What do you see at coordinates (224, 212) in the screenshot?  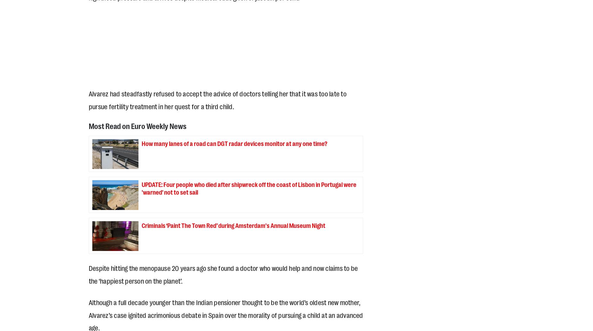 I see `'Our publication has won numerous awards over the last 25 years including Best Free Newspaper of the Year (Premios AEEPP), Company of the Year (Costa del Sol Business Awards) and Collaboration with Foreigners honours (Mijas Town Hall). All of this comes at ZERO cost to our readers. All our print and online content always has been and always will be FREE OF CHARGE.'` at bounding box center [224, 212].